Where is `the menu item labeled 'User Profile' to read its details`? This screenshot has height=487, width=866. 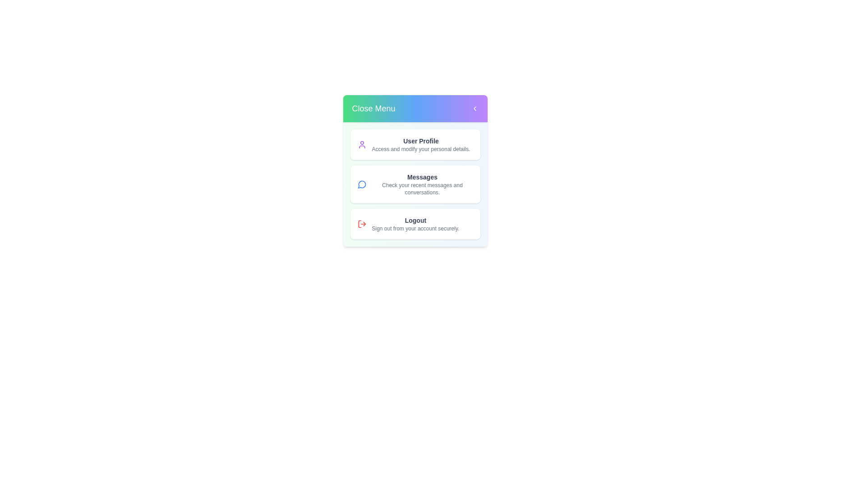 the menu item labeled 'User Profile' to read its details is located at coordinates (415, 144).